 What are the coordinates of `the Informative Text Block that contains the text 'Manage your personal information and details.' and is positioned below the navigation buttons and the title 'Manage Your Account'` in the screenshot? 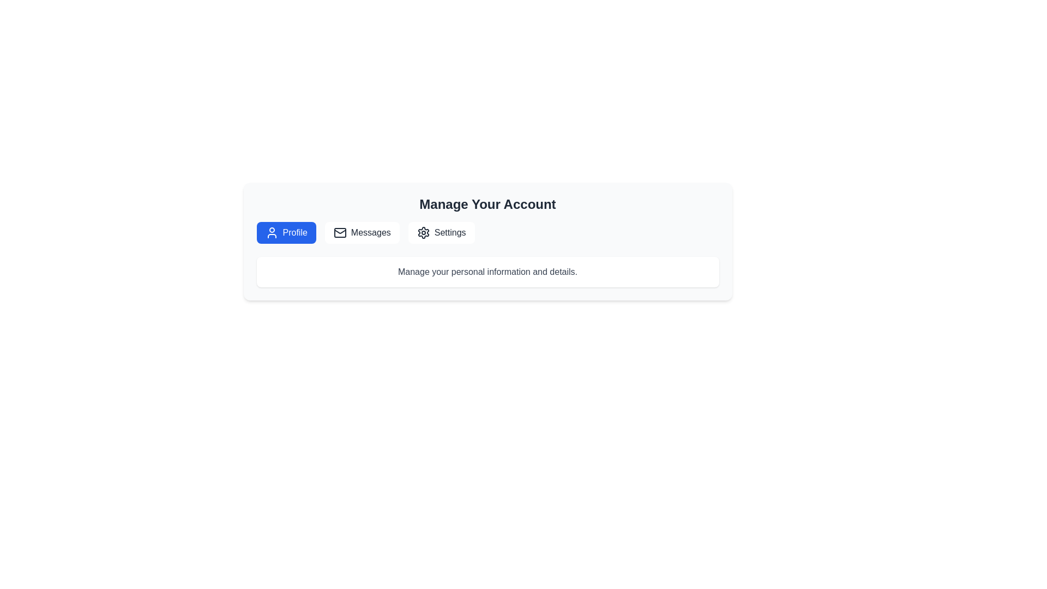 It's located at (487, 271).